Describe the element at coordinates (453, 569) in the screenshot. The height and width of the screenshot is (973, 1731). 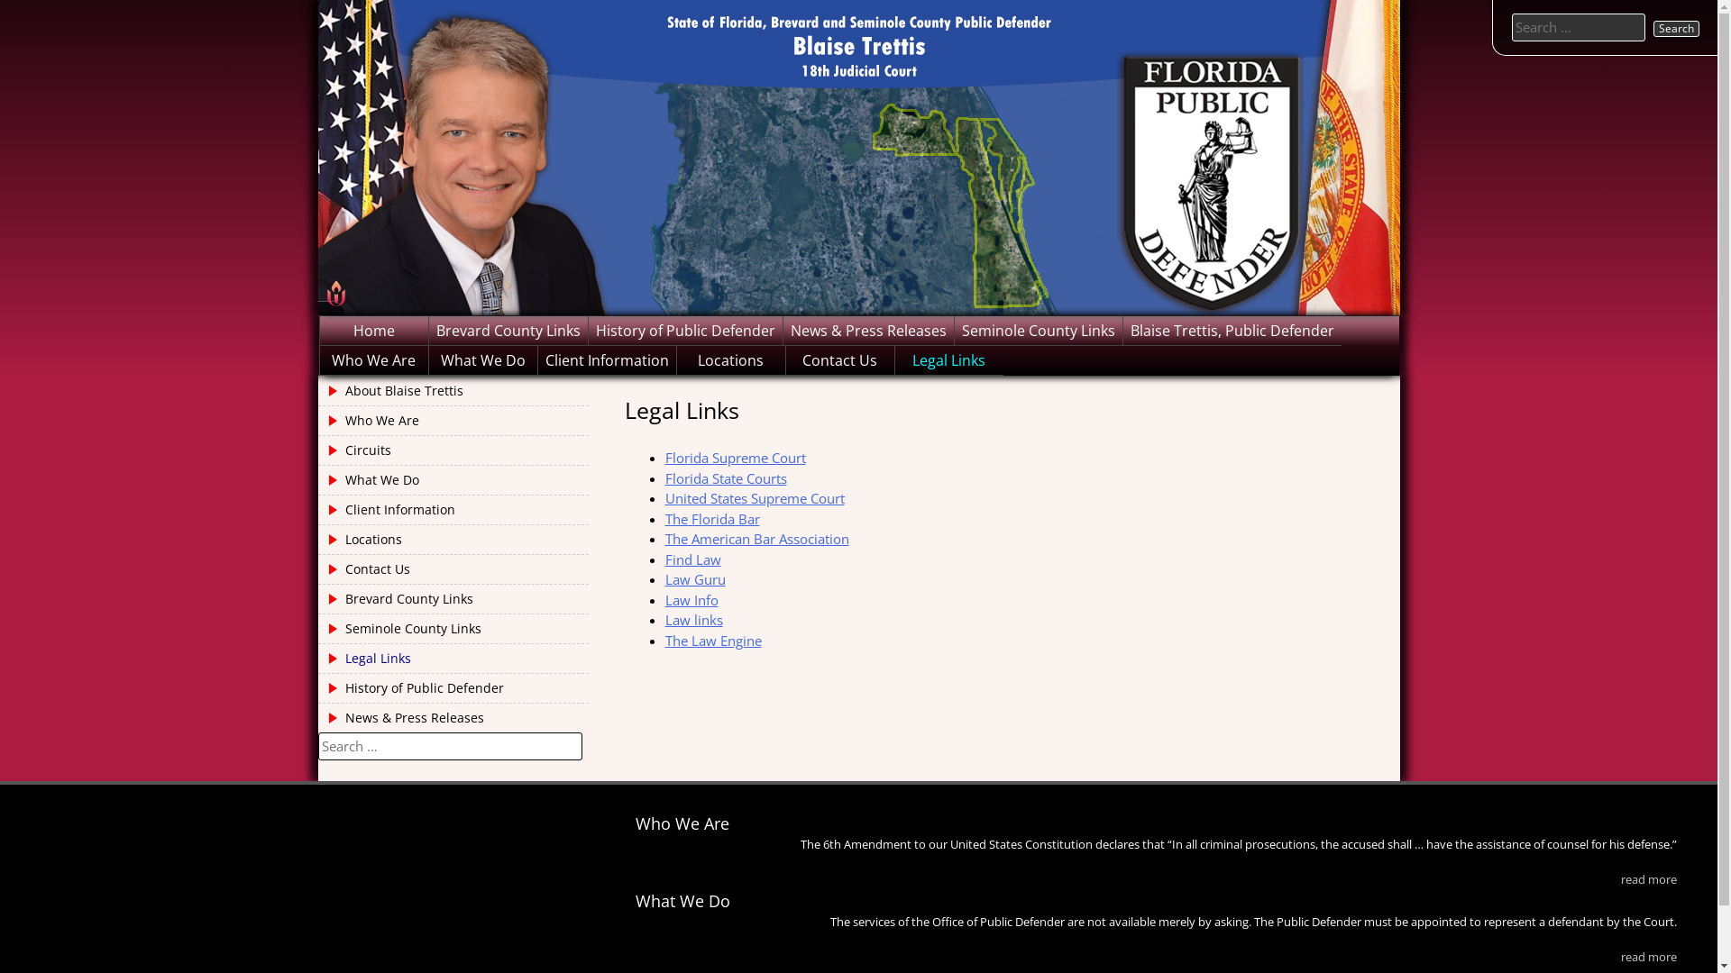
I see `'Contact Us'` at that location.